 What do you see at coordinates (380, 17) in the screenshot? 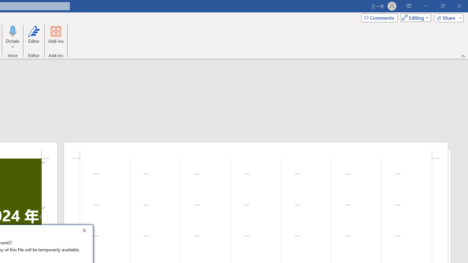
I see `'Comments'` at bounding box center [380, 17].